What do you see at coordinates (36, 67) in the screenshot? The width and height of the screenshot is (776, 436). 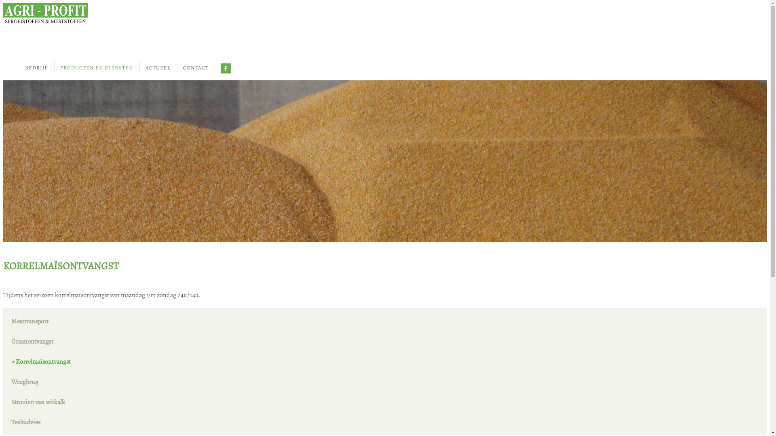 I see `'BEDRIJF'` at bounding box center [36, 67].